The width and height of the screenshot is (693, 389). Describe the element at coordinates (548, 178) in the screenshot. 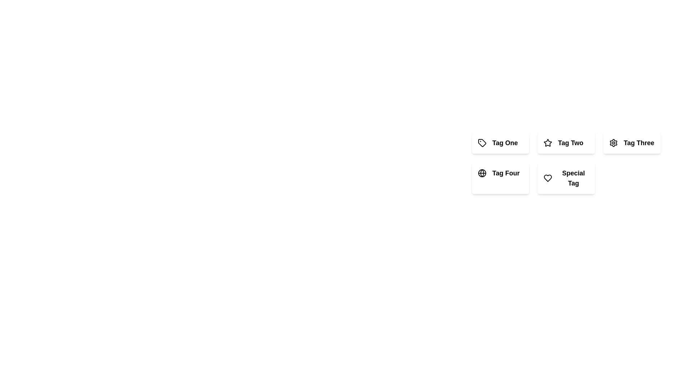

I see `the heart-shaped outline icon within the 'Special Tag' button, which is positioned to the left of the label text` at that location.